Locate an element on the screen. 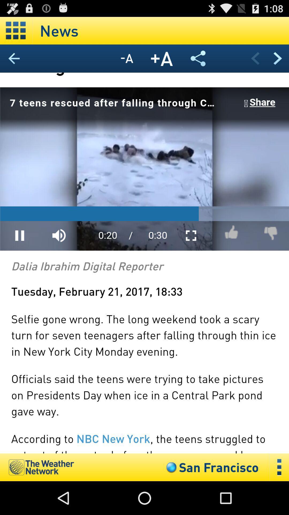 This screenshot has width=289, height=515. letter size increasing is located at coordinates (162, 58).